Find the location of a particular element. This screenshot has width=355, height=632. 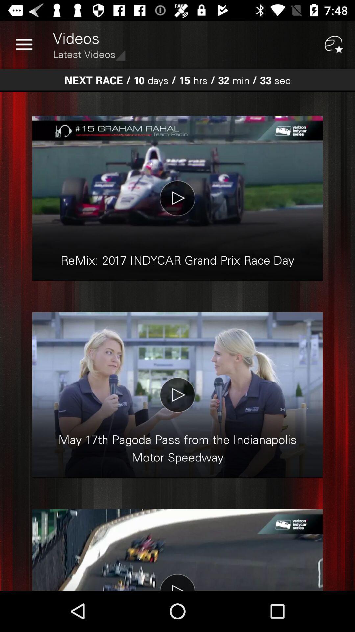

first video from top is located at coordinates (177, 198).